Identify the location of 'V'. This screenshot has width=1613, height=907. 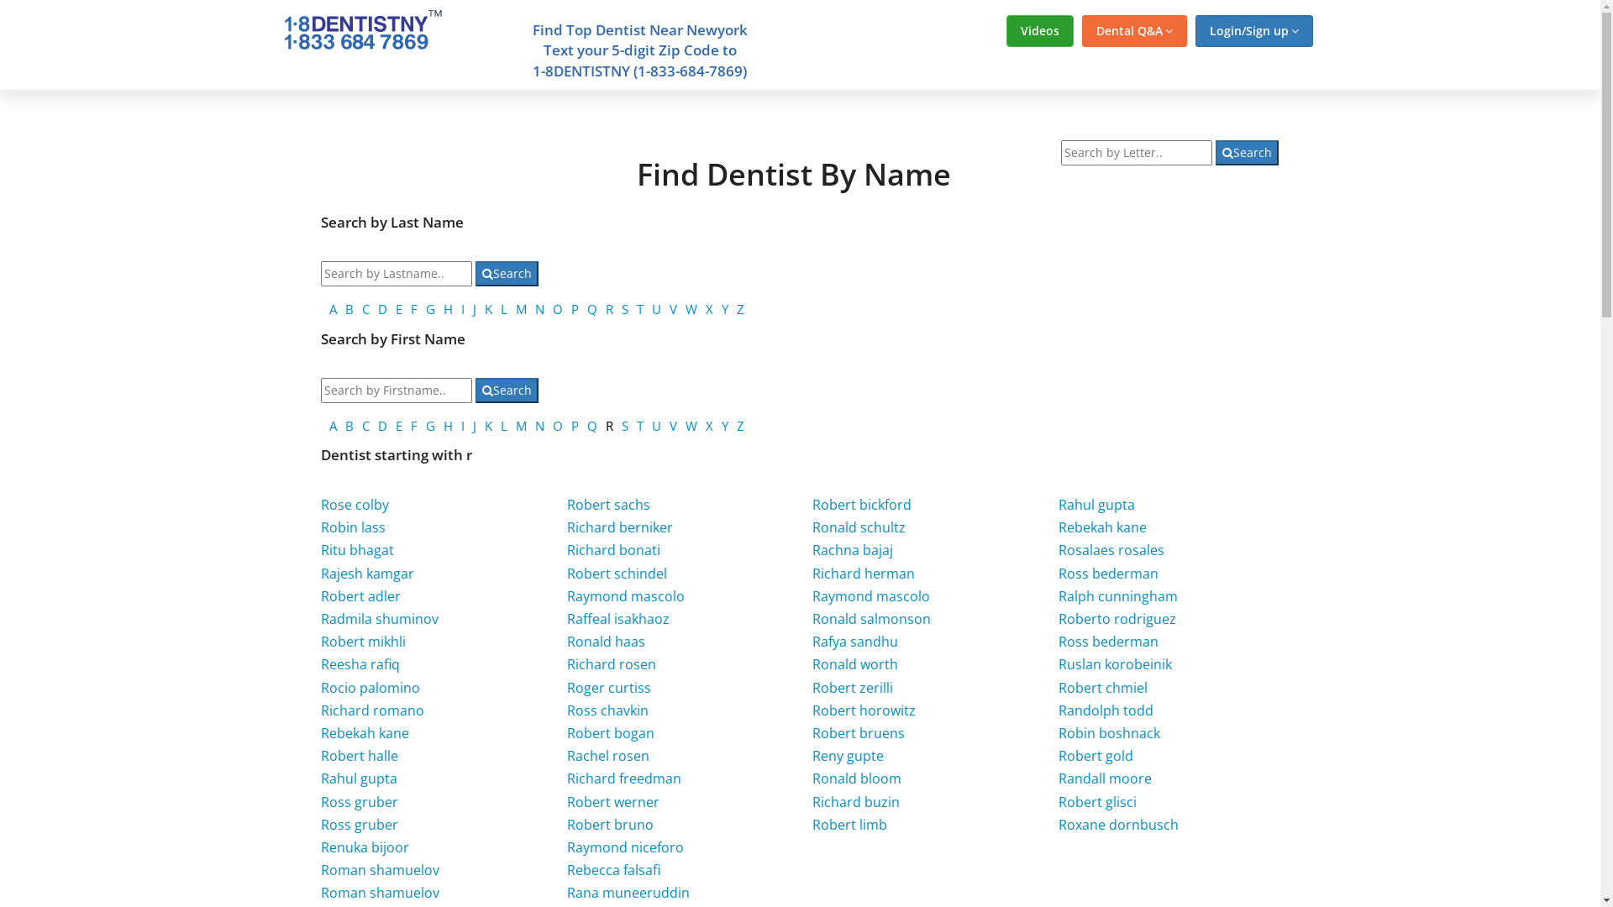
(673, 424).